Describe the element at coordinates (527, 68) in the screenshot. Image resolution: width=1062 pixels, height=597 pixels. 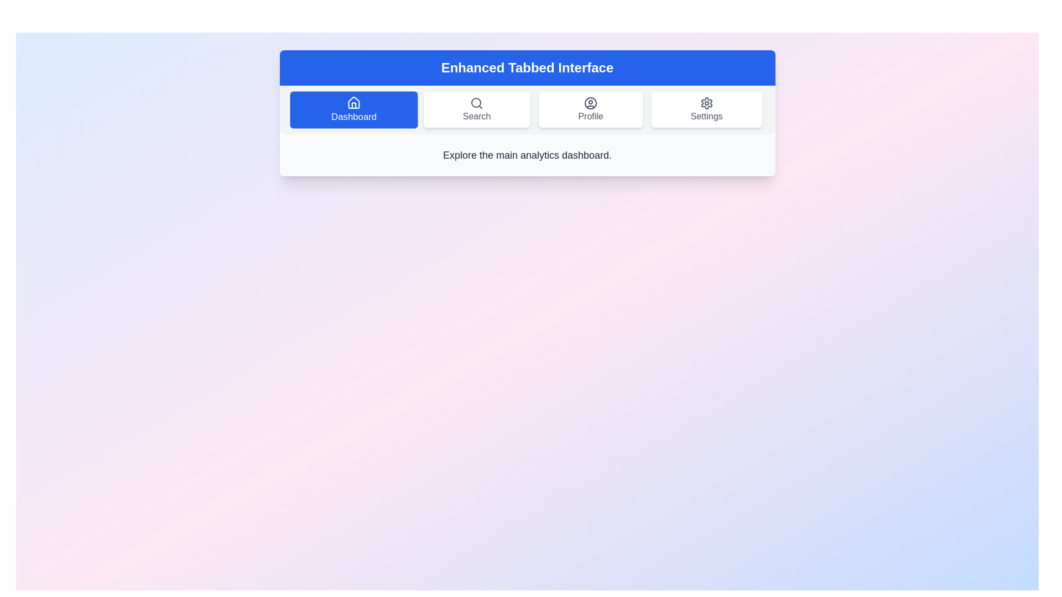
I see `the static Text Header labeled 'Enhanced Tabbed Interface', which serves as the visual header for the panel containing navigational tabs` at that location.